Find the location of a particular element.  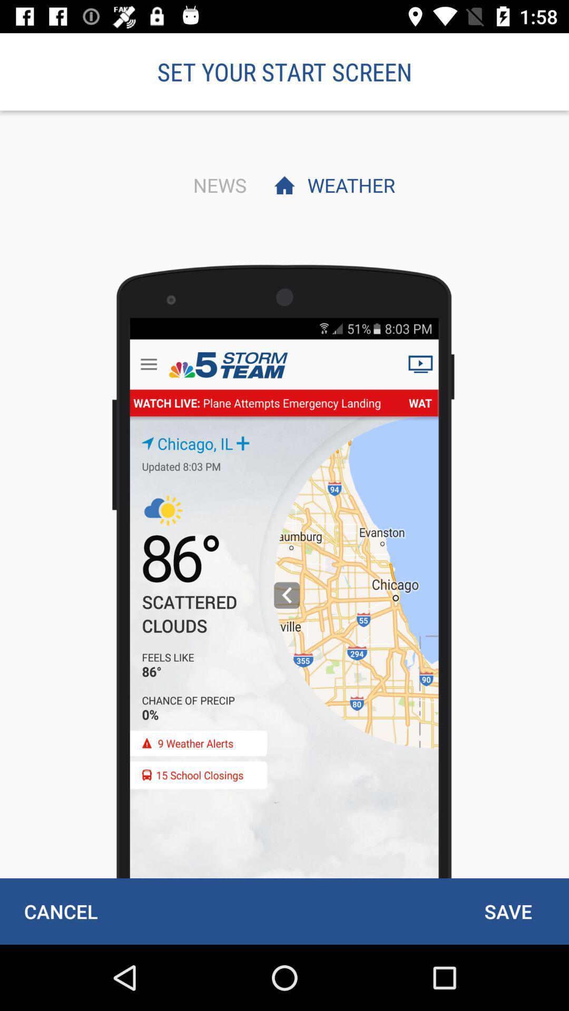

item below set your start item is located at coordinates (348, 185).